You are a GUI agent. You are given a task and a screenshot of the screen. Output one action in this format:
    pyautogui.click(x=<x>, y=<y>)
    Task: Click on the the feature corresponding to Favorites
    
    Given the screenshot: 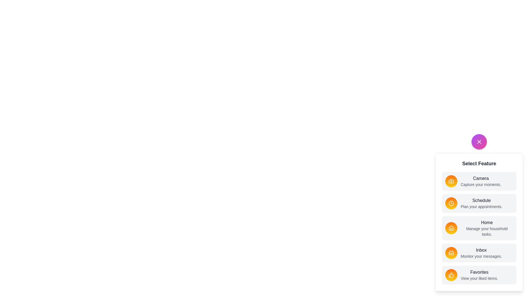 What is the action you would take?
    pyautogui.click(x=451, y=275)
    